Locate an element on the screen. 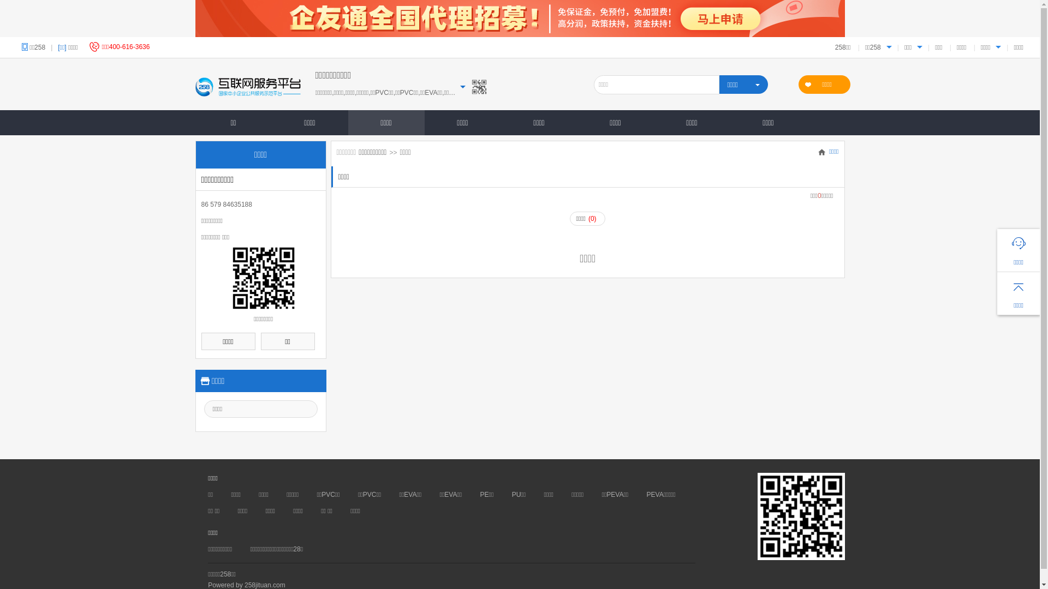  'http://m.258jituan.com/shop-zjcxgmyxgs627' is located at coordinates (263, 277).